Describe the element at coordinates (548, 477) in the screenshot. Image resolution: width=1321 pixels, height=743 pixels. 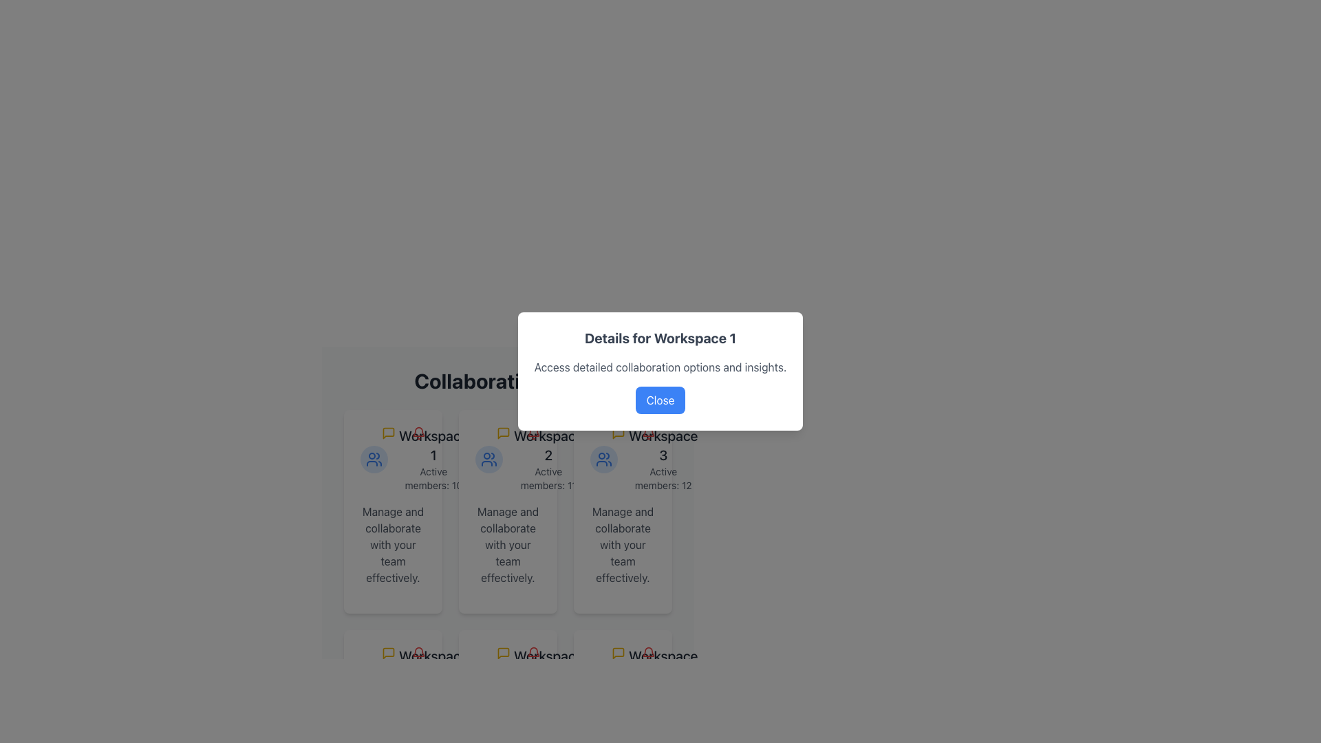
I see `the static label displaying the number of active members associated with 'Workspace 2', located beneath the title within the card layout` at that location.